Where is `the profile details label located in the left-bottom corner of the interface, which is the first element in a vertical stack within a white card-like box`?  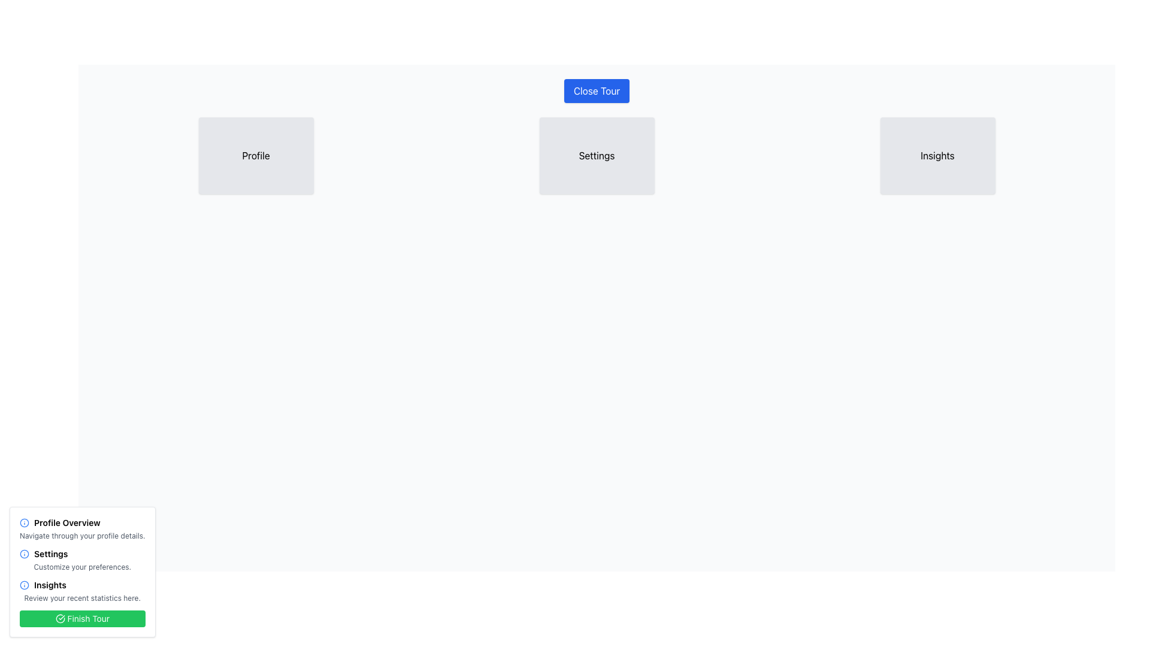 the profile details label located in the left-bottom corner of the interface, which is the first element in a vertical stack within a white card-like box is located at coordinates (81, 522).